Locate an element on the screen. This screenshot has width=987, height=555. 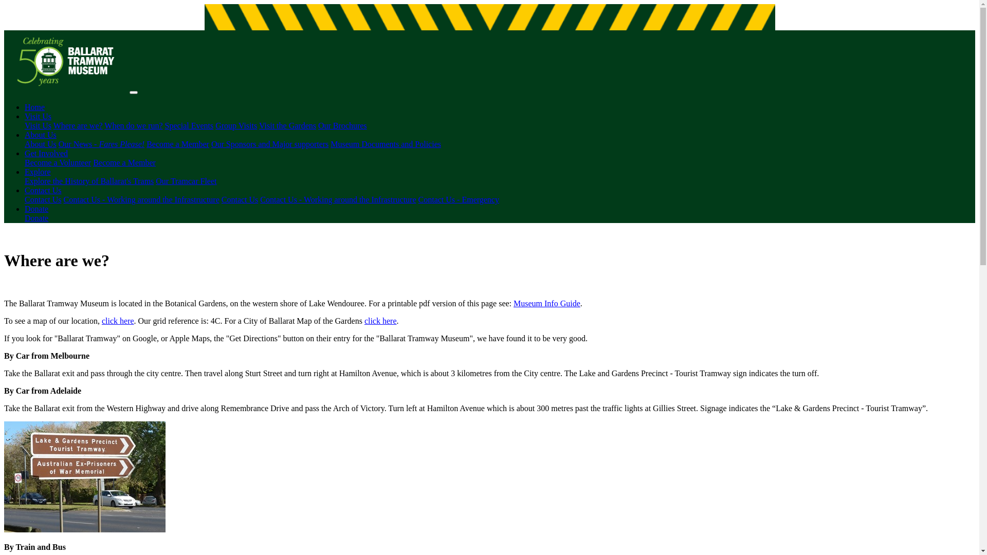
'Donate' is located at coordinates (36, 217).